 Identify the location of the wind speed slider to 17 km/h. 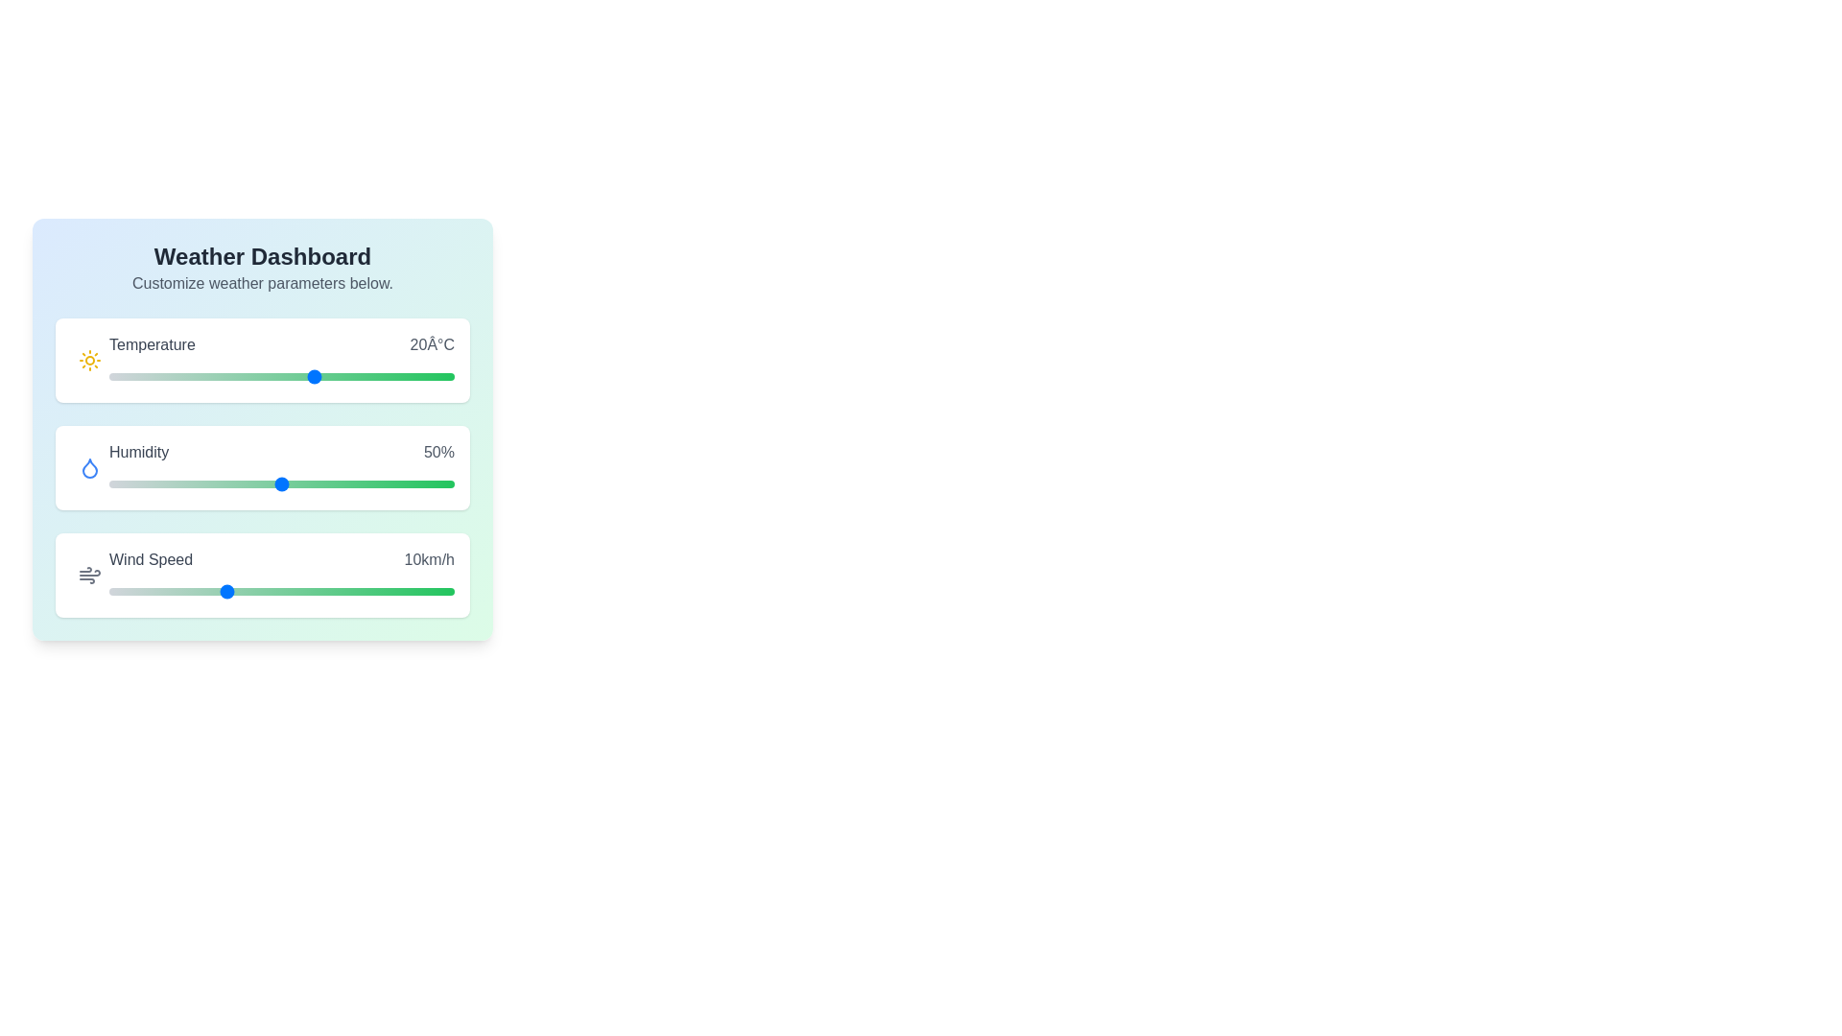
(303, 591).